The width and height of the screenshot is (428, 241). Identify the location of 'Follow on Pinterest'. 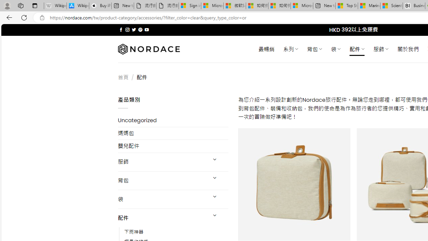
(140, 29).